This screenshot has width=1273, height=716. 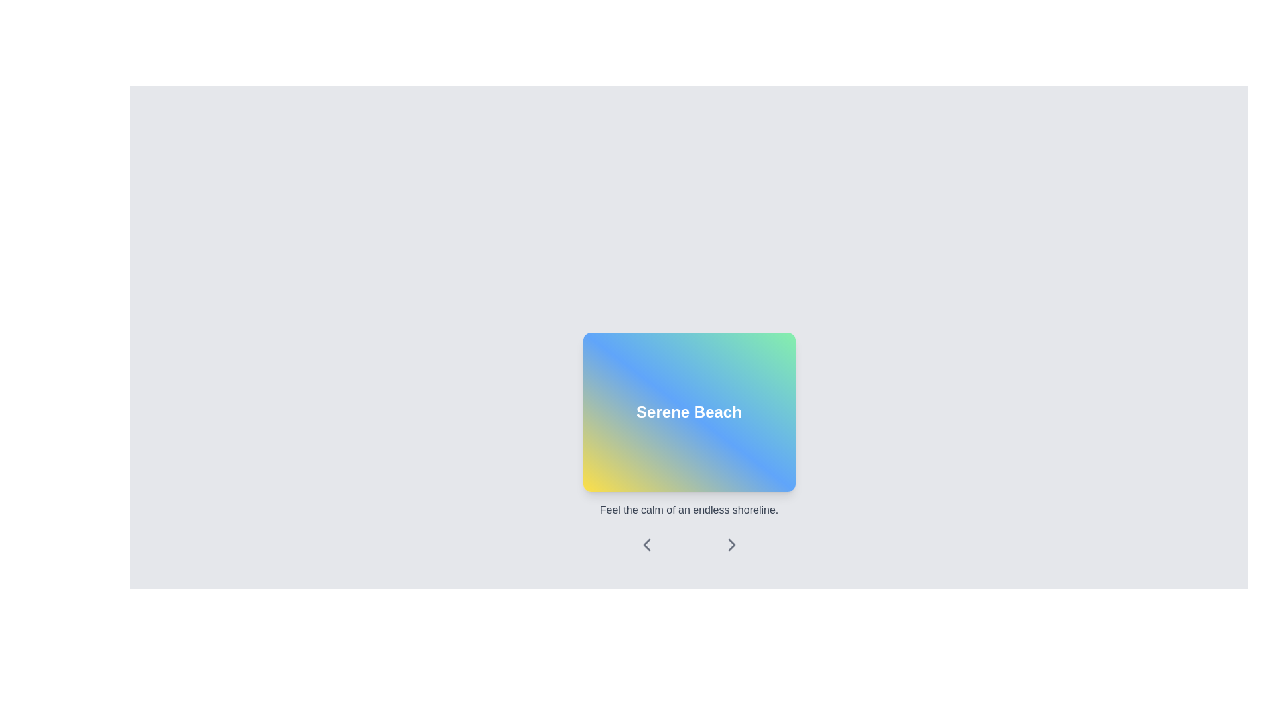 What do you see at coordinates (689, 510) in the screenshot?
I see `the static text element positioned below the 'Serene Beach' label and above the arrow icons` at bounding box center [689, 510].